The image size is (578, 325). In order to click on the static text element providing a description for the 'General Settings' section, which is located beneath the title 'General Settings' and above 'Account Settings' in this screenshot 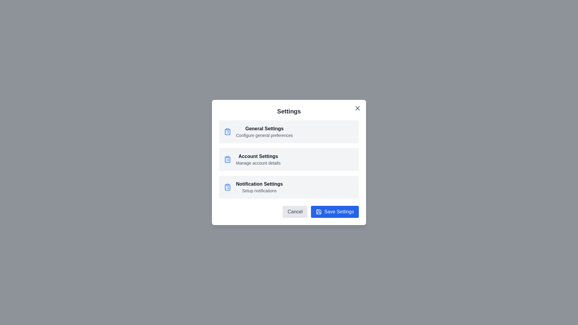, I will do `click(264, 135)`.